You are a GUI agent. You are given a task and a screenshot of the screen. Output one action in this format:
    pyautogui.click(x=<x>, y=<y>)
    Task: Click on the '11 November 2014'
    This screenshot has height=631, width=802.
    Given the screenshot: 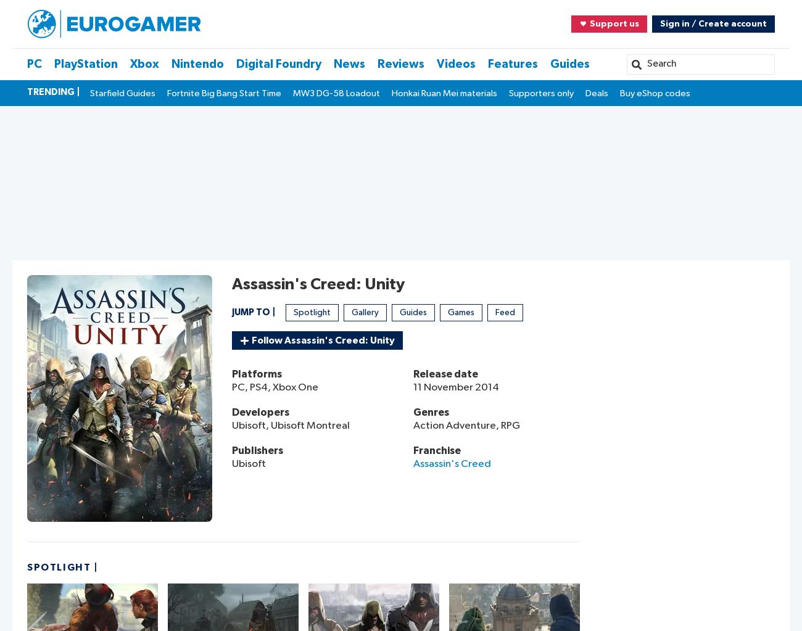 What is the action you would take?
    pyautogui.click(x=413, y=387)
    